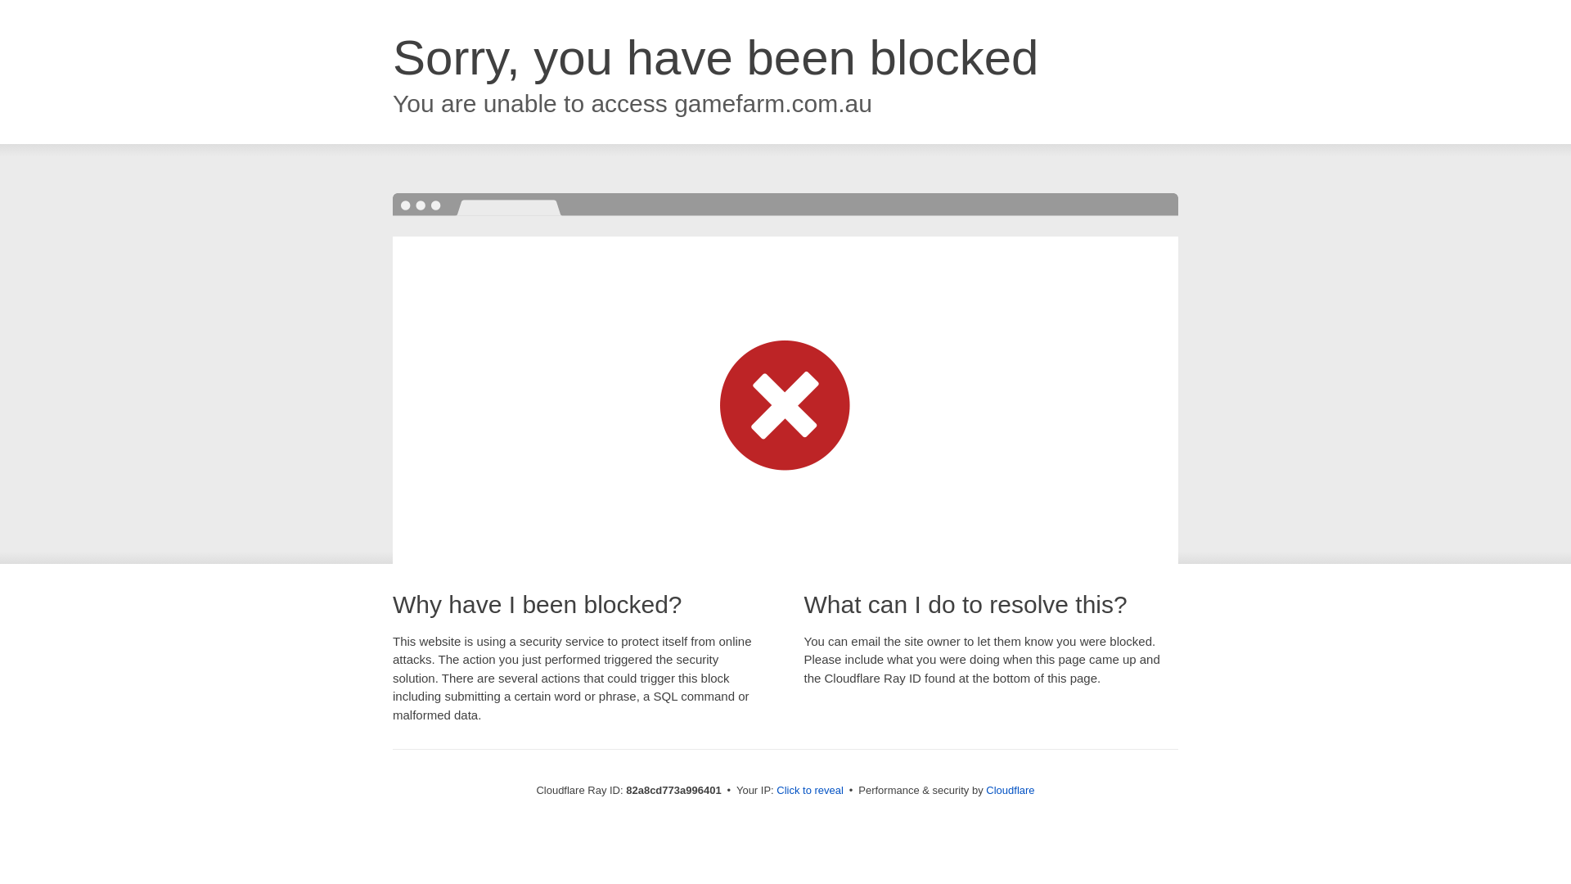 The height and width of the screenshot is (884, 1571). What do you see at coordinates (809, 789) in the screenshot?
I see `'Click to reveal'` at bounding box center [809, 789].